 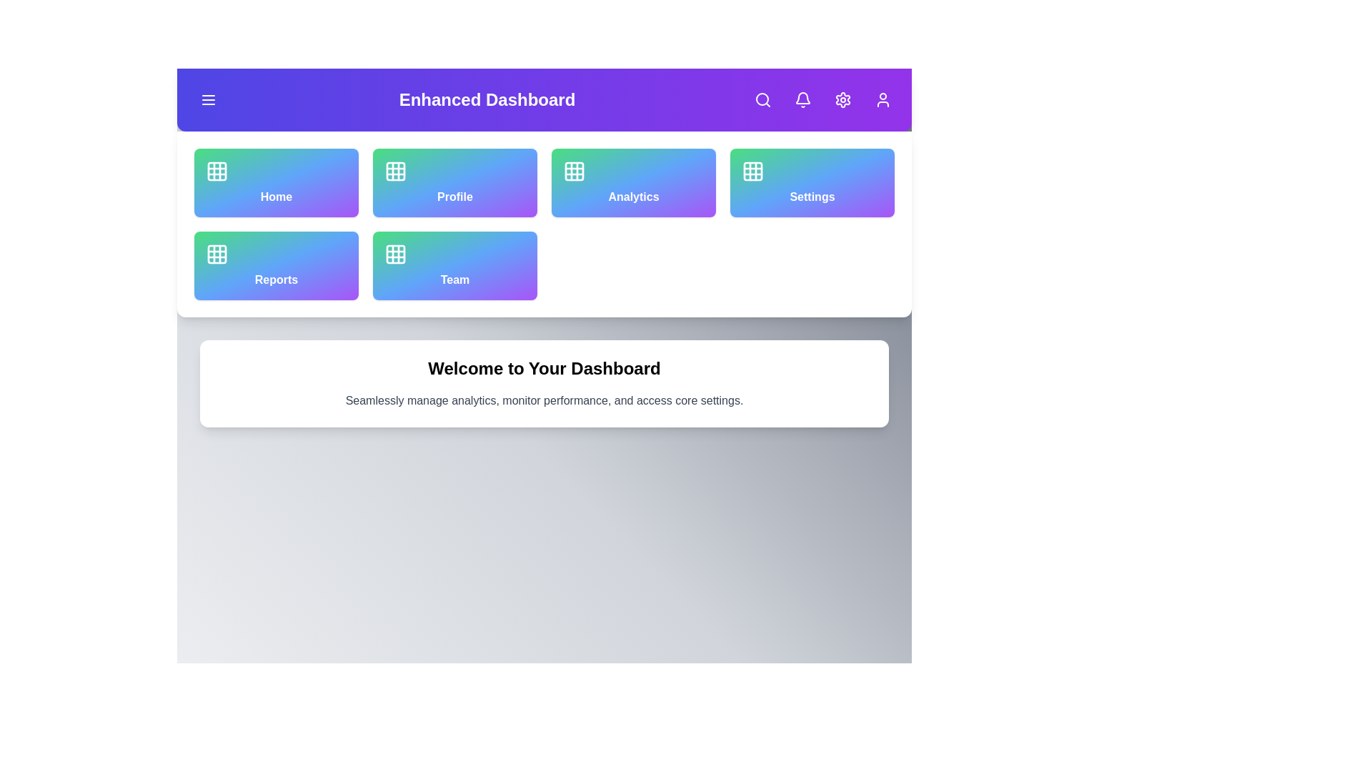 What do you see at coordinates (277, 182) in the screenshot?
I see `the navigation option Home by clicking its corresponding button` at bounding box center [277, 182].